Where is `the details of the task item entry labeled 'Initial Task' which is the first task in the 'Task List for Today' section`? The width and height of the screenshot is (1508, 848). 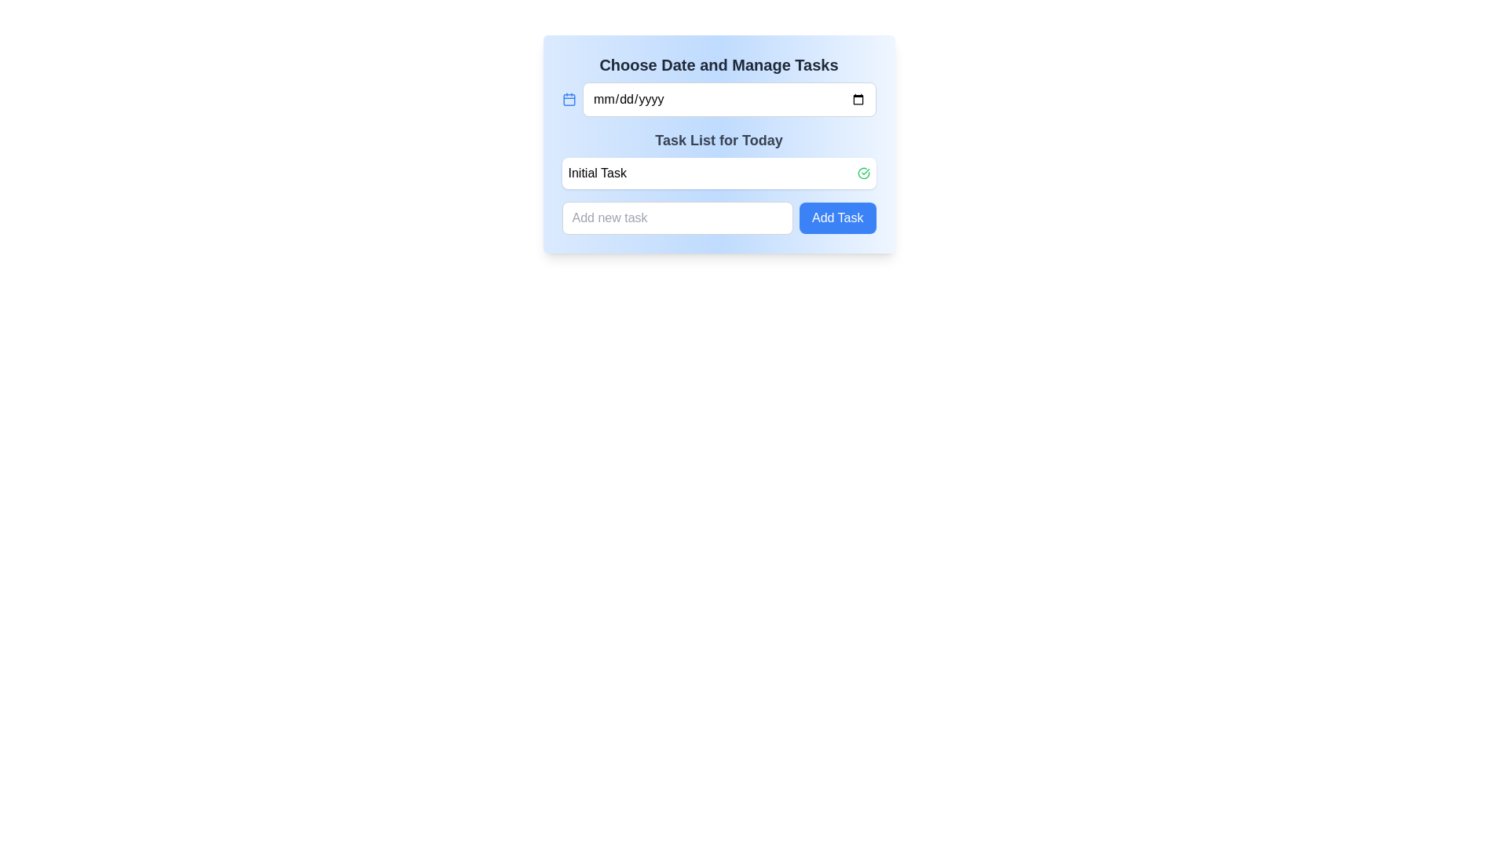
the details of the task item entry labeled 'Initial Task' which is the first task in the 'Task List for Today' section is located at coordinates (718, 173).